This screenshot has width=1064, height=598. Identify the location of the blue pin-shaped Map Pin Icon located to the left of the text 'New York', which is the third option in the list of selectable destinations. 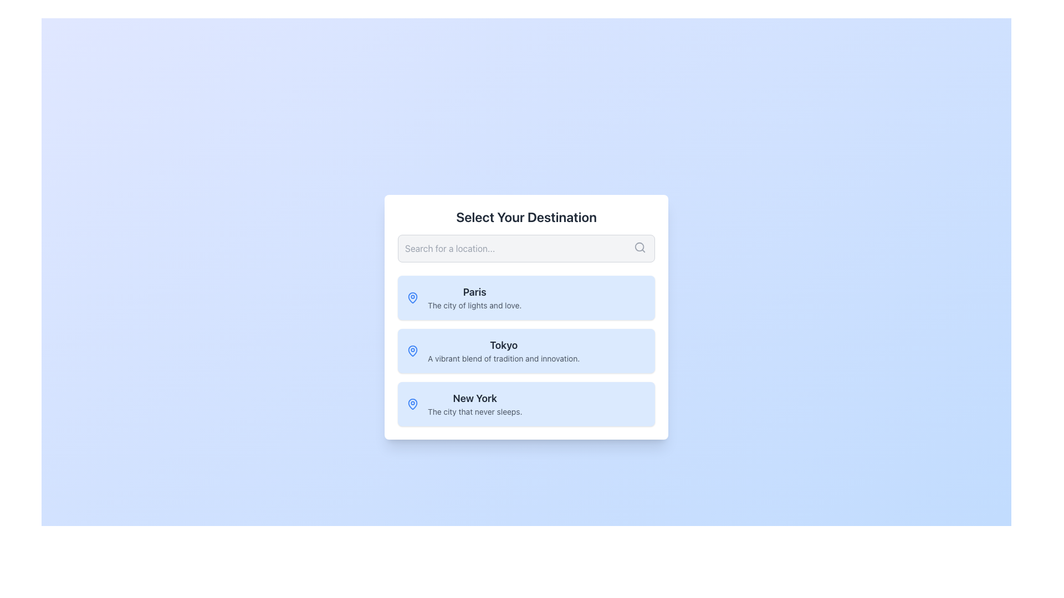
(412, 404).